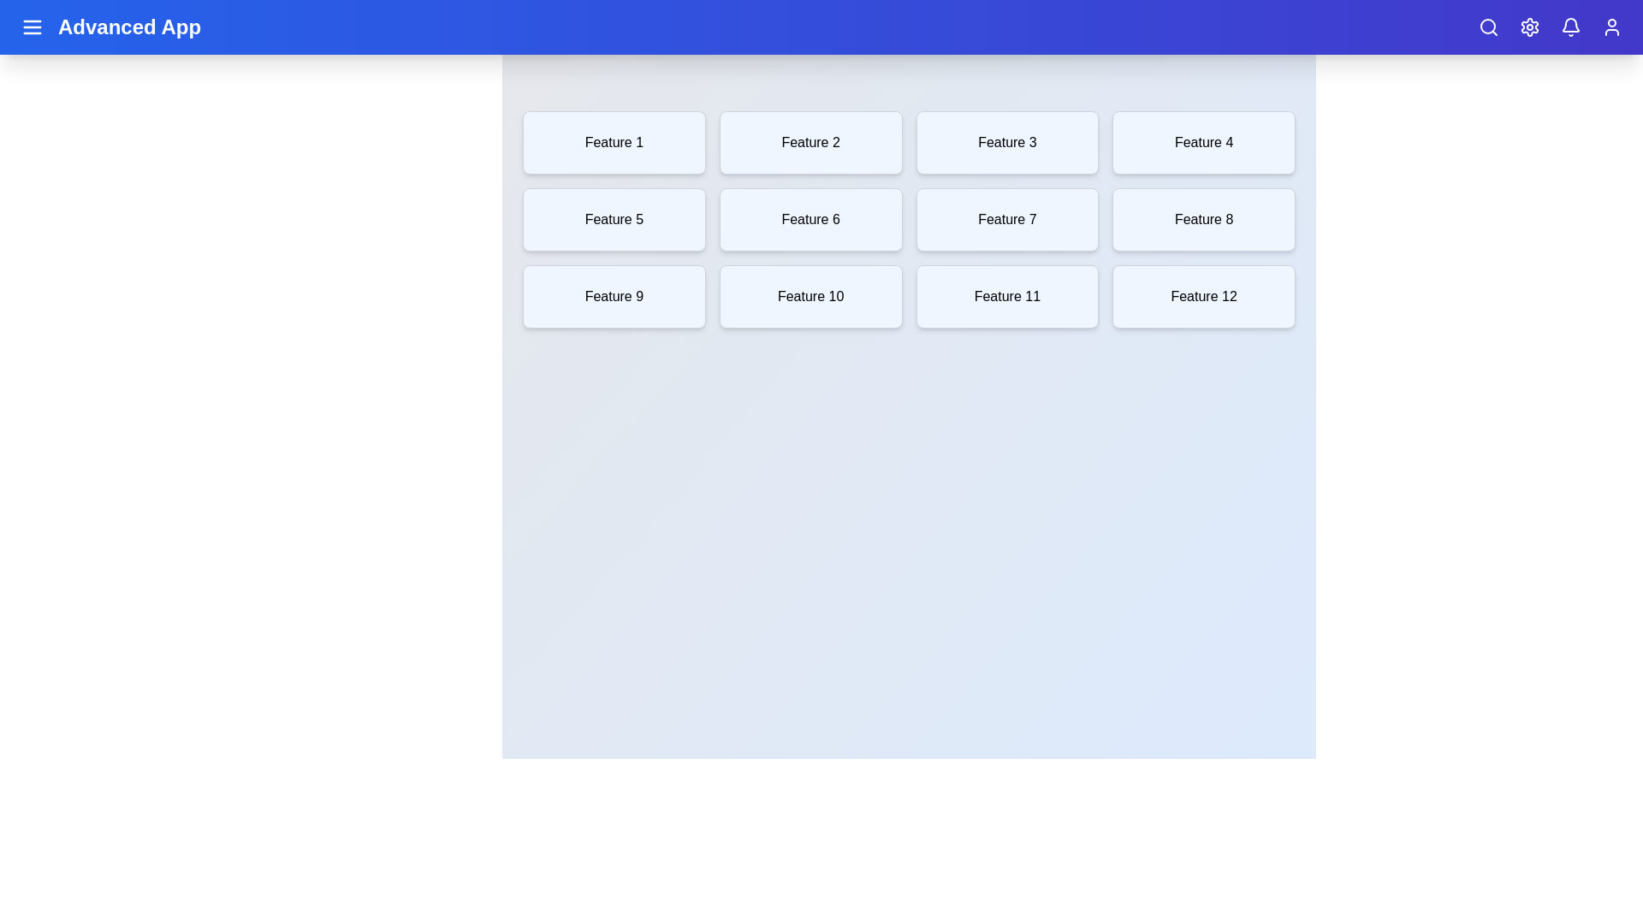 The height and width of the screenshot is (924, 1643). What do you see at coordinates (1530, 27) in the screenshot?
I see `the settings icon to open the settings menu` at bounding box center [1530, 27].